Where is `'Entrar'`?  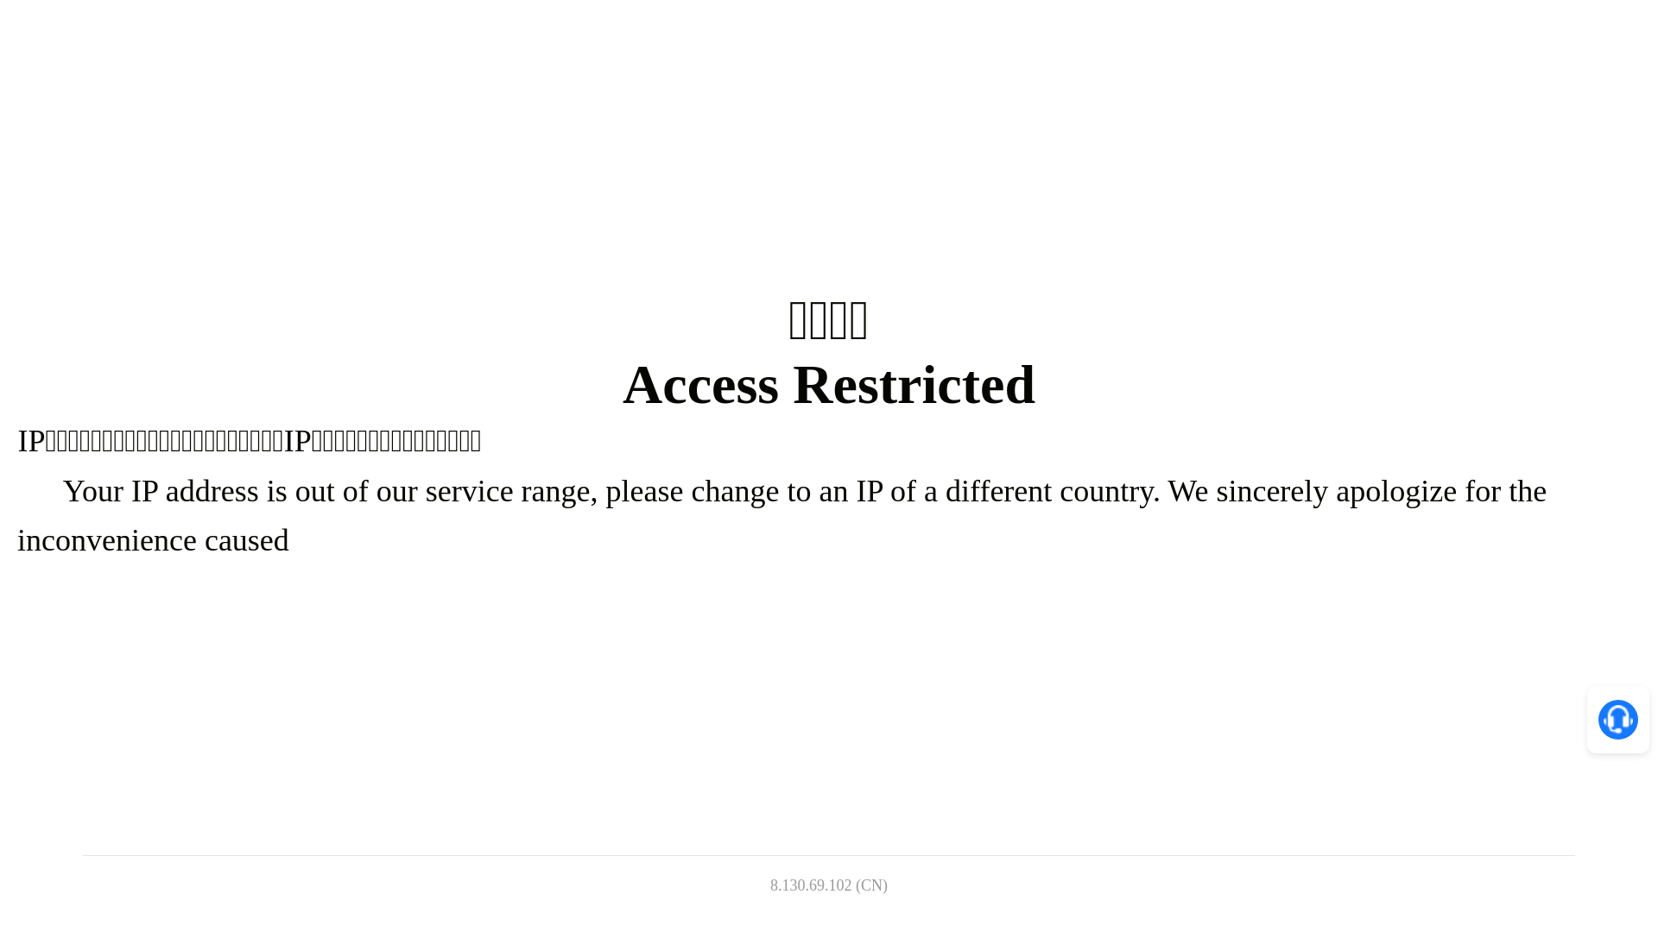
'Entrar' is located at coordinates (1300, 34).